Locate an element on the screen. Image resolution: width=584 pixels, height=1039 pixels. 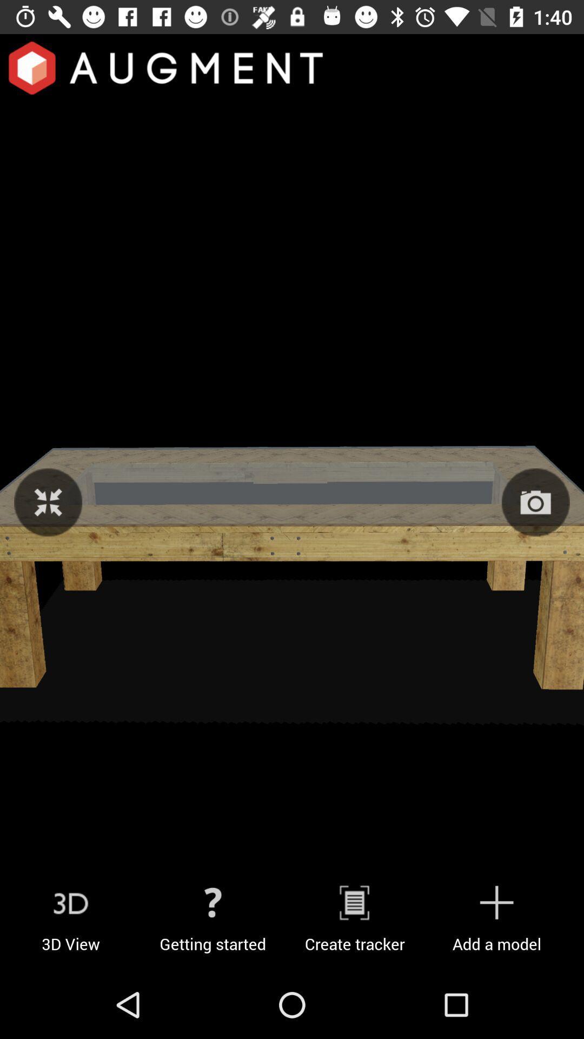
camera option is located at coordinates (535, 502).